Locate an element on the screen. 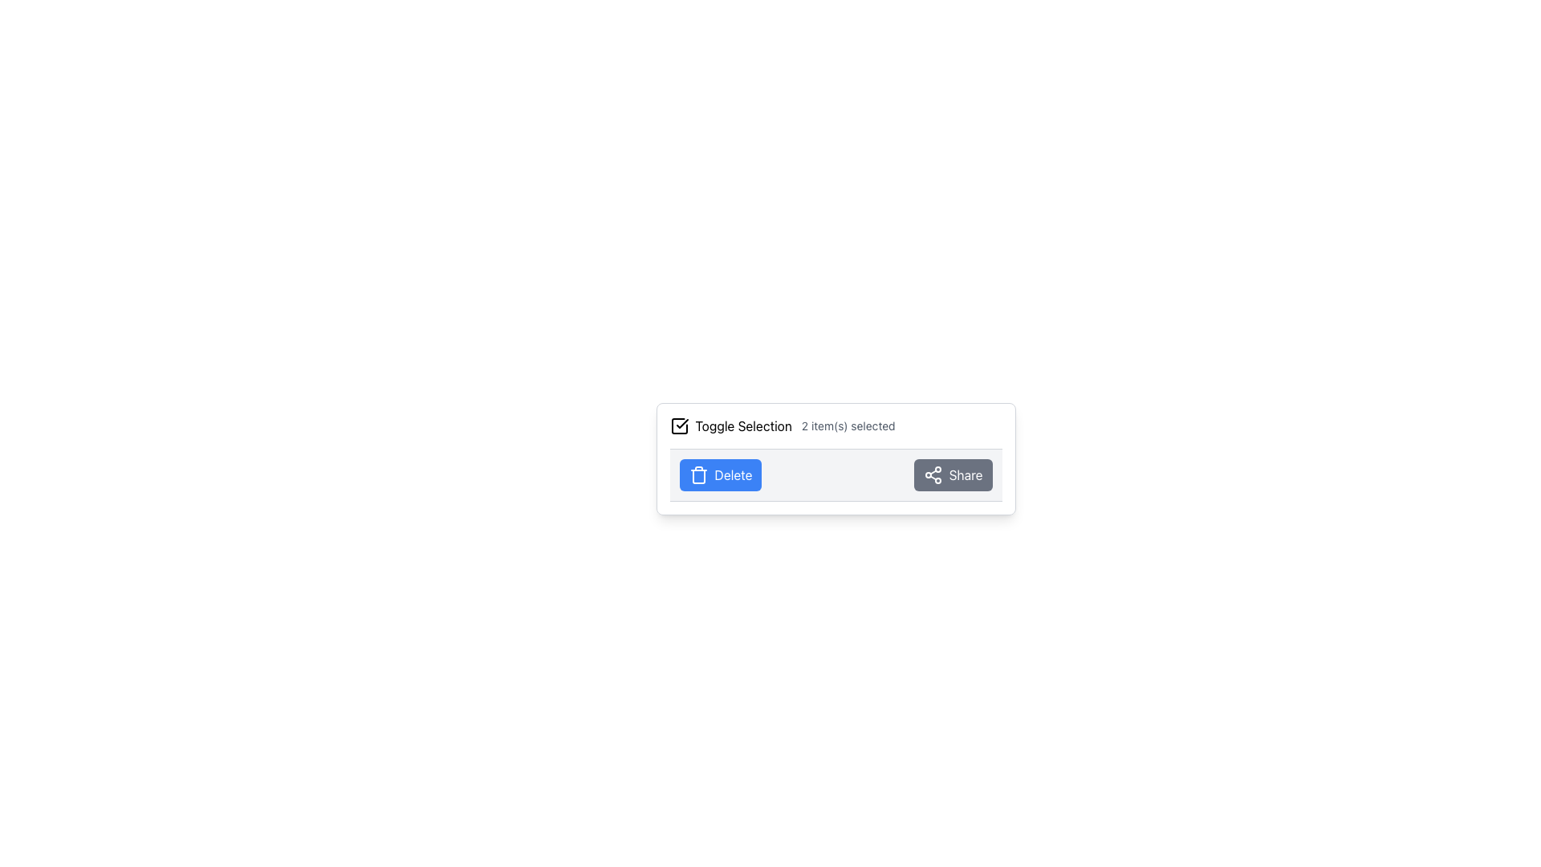 The image size is (1541, 867). the trash can icon located within the 'Delete' button is located at coordinates (698, 474).